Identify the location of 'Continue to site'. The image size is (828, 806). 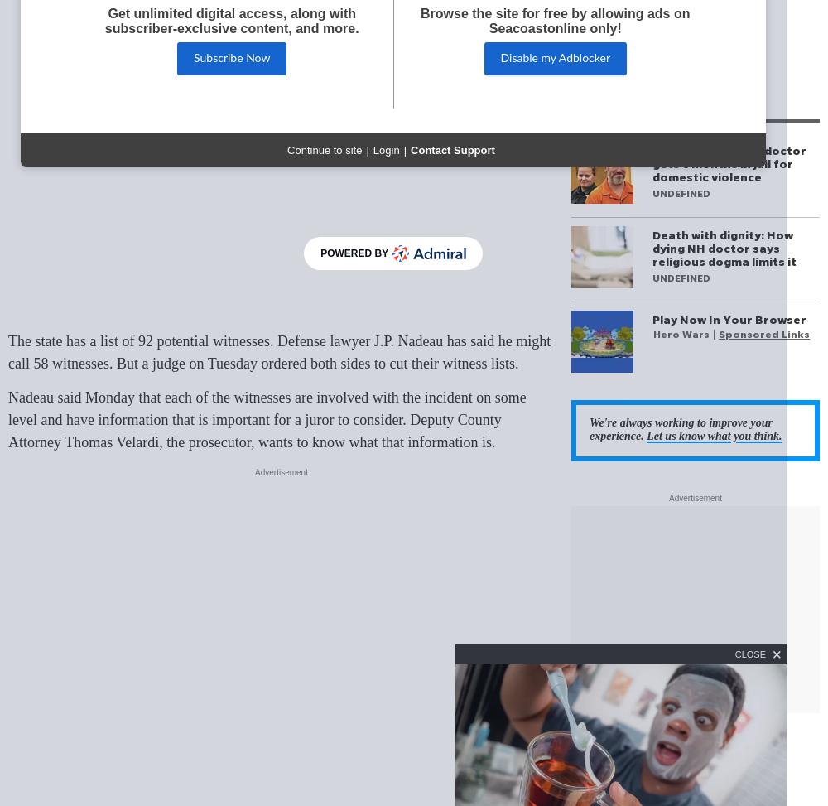
(325, 149).